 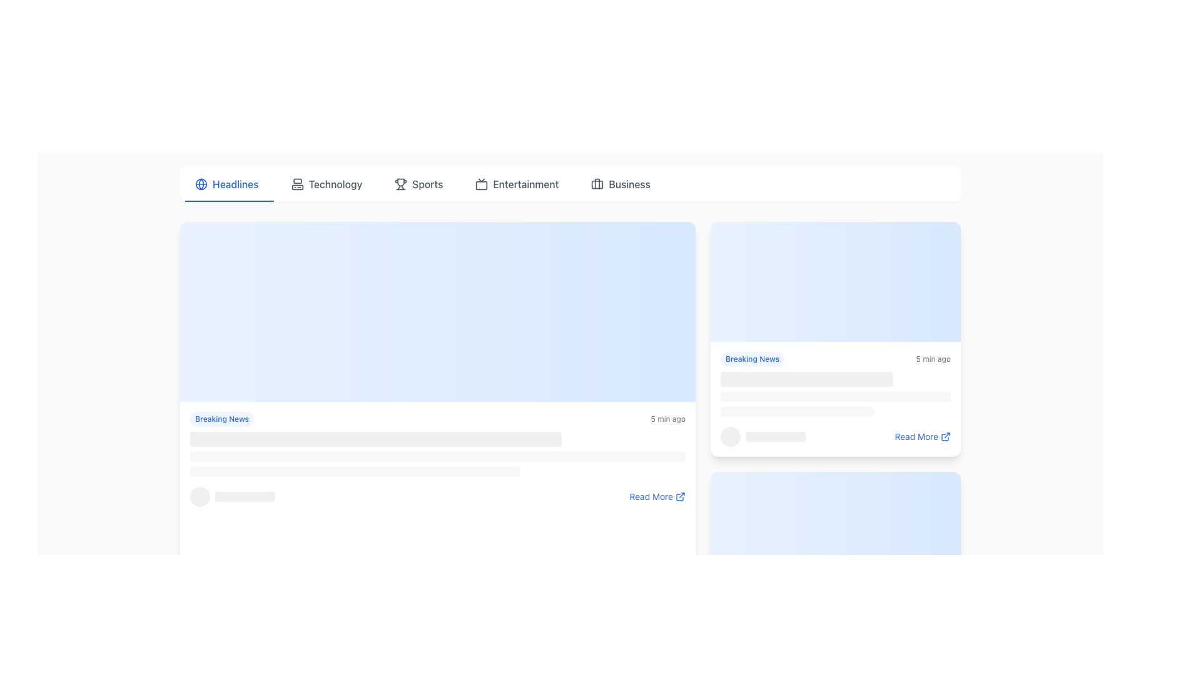 I want to click on the leftmost line of the briefcase icon, which is a decorative component in the SVG element located in the navigation bar, so click(x=597, y=184).